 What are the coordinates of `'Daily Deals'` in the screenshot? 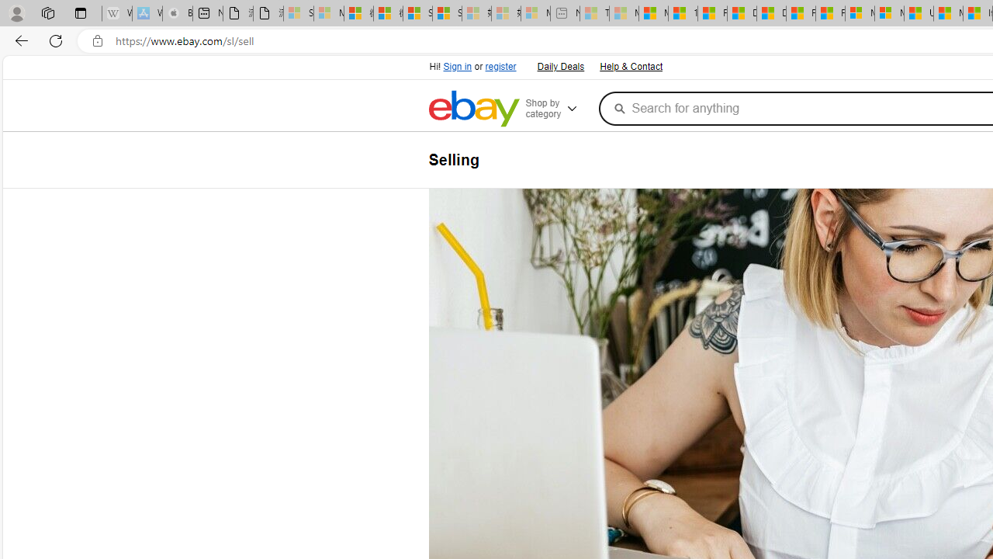 It's located at (559, 64).